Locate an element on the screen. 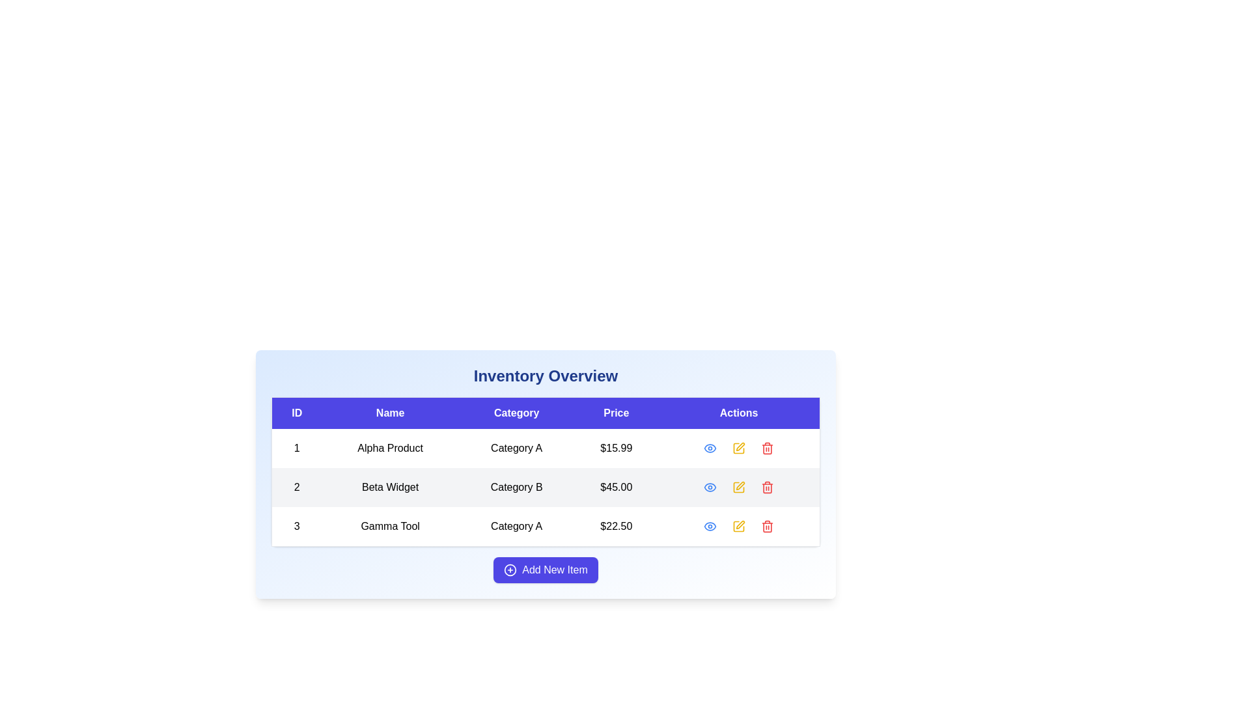 This screenshot has width=1250, height=703. the red trash can icon in the 'Actions' column of the third item, 'Gamma Tool,' is located at coordinates (768, 526).